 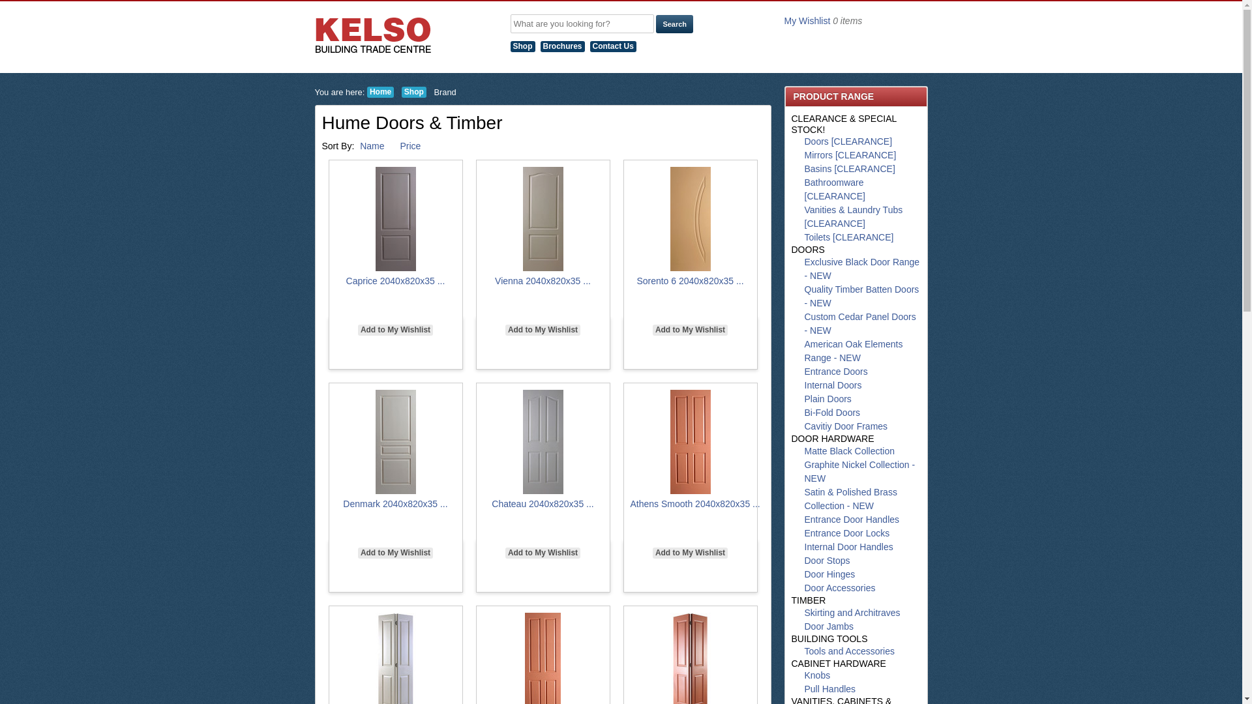 I want to click on 'Toilets [CLEARANCE]', so click(x=849, y=237).